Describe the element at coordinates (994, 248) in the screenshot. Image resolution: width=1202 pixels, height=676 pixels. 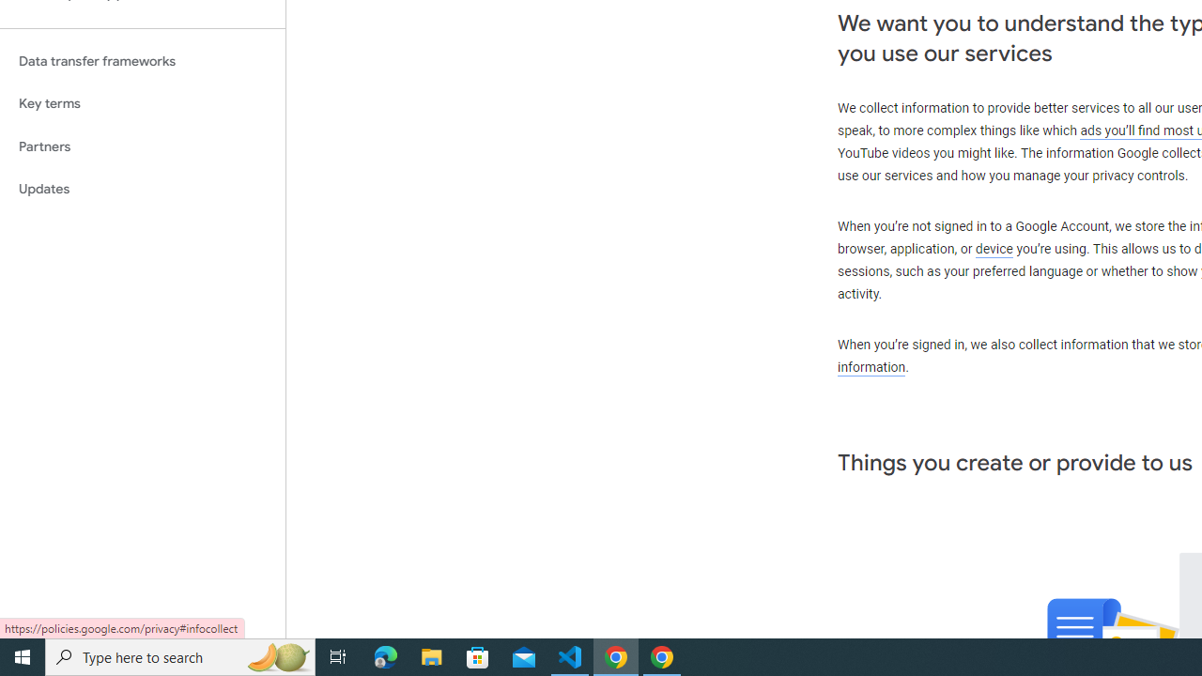
I see `'device'` at that location.